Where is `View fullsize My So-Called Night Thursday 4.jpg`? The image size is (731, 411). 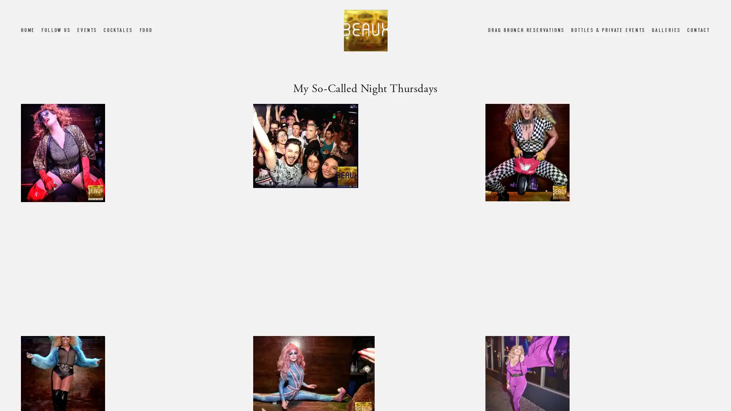
View fullsize My So-Called Night Thursday 4.jpg is located at coordinates (365, 216).